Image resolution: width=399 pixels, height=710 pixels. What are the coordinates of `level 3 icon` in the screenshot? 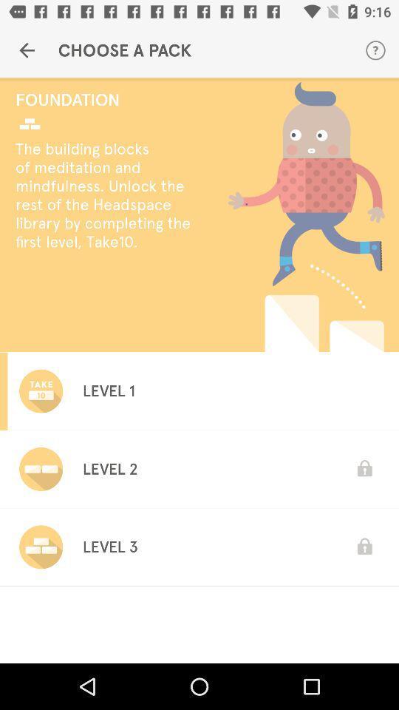 It's located at (109, 546).